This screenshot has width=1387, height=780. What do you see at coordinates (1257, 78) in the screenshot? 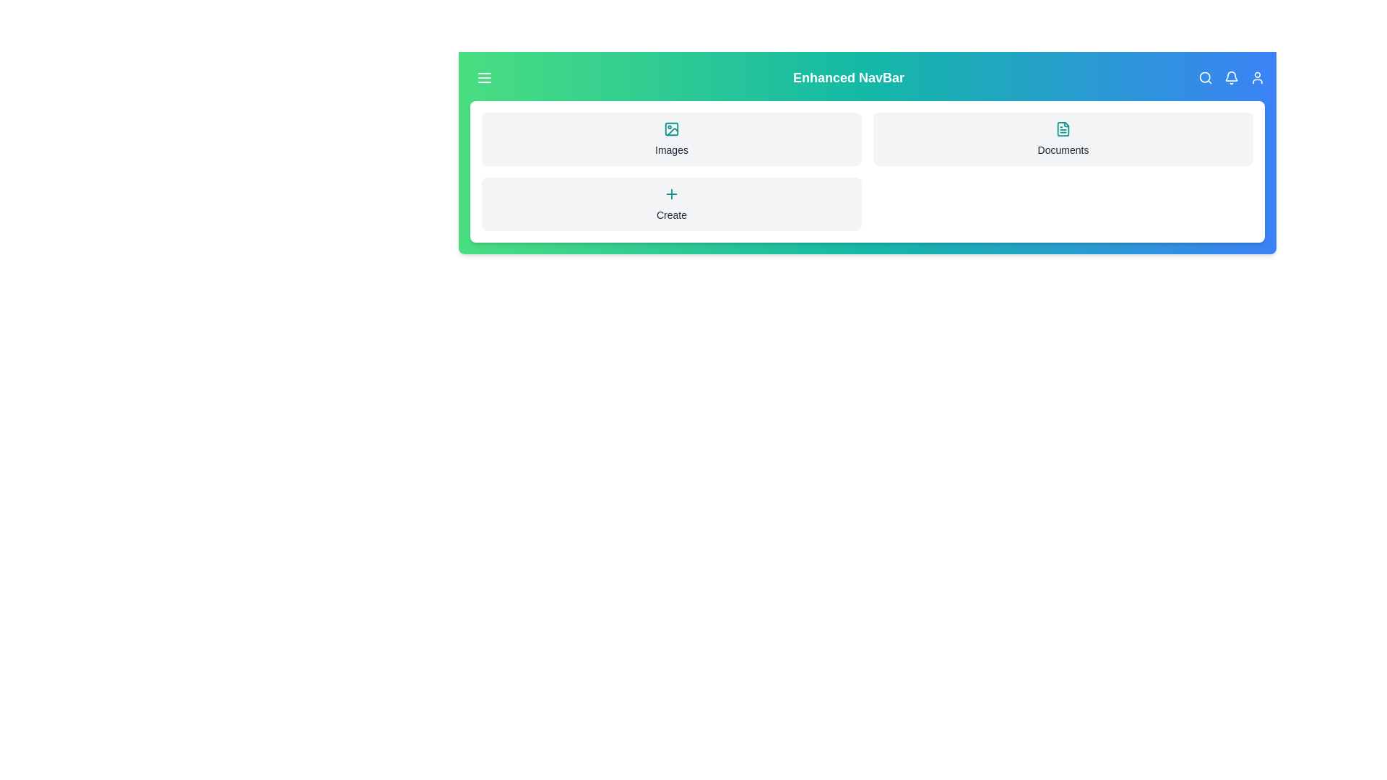
I see `the 'User' icon in the navigation bar` at bounding box center [1257, 78].